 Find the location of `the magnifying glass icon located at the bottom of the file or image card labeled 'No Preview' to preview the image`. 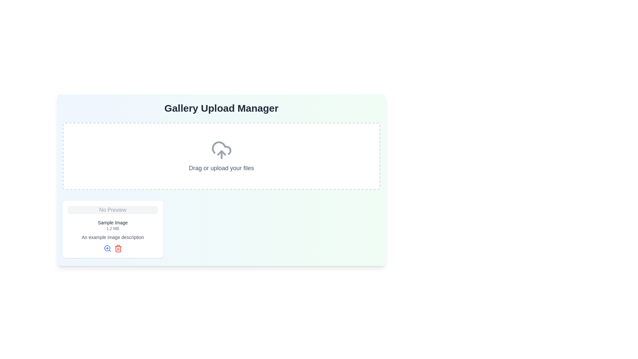

the magnifying glass icon located at the bottom of the file or image card labeled 'No Preview' to preview the image is located at coordinates (113, 229).